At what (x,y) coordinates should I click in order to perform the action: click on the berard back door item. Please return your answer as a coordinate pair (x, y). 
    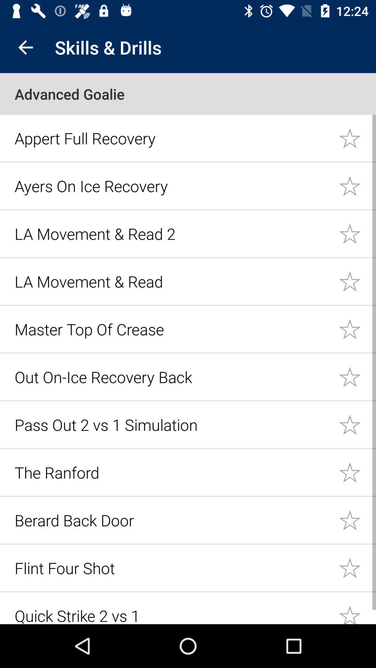
    Looking at the image, I should click on (172, 520).